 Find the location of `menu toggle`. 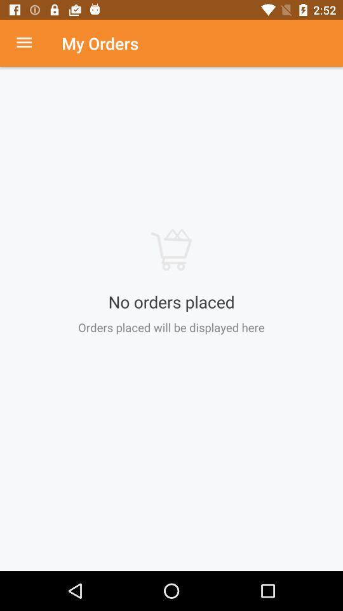

menu toggle is located at coordinates (30, 43).